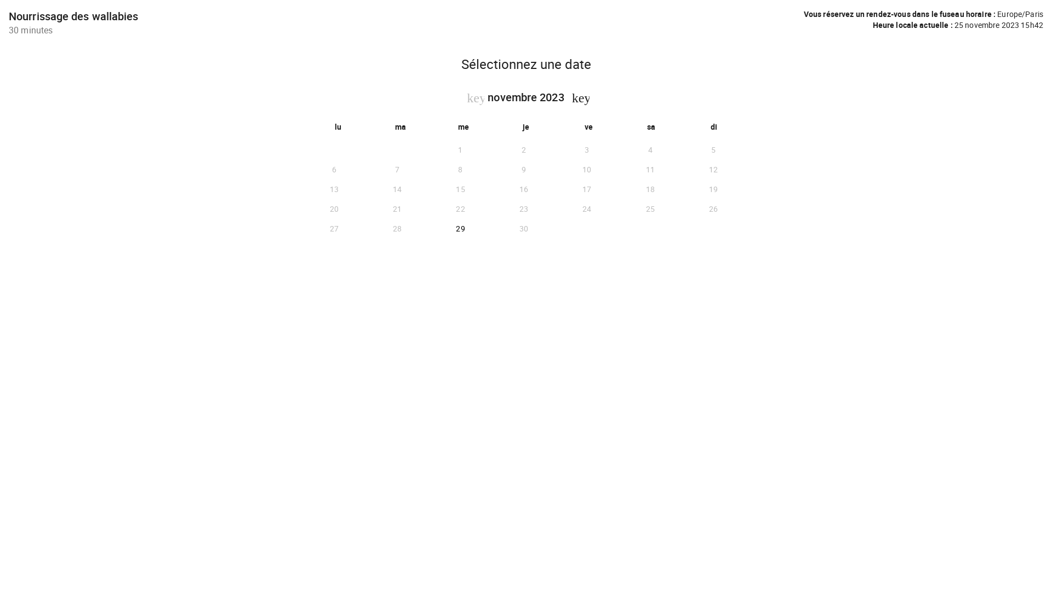  What do you see at coordinates (650, 149) in the screenshot?
I see `'4'` at bounding box center [650, 149].